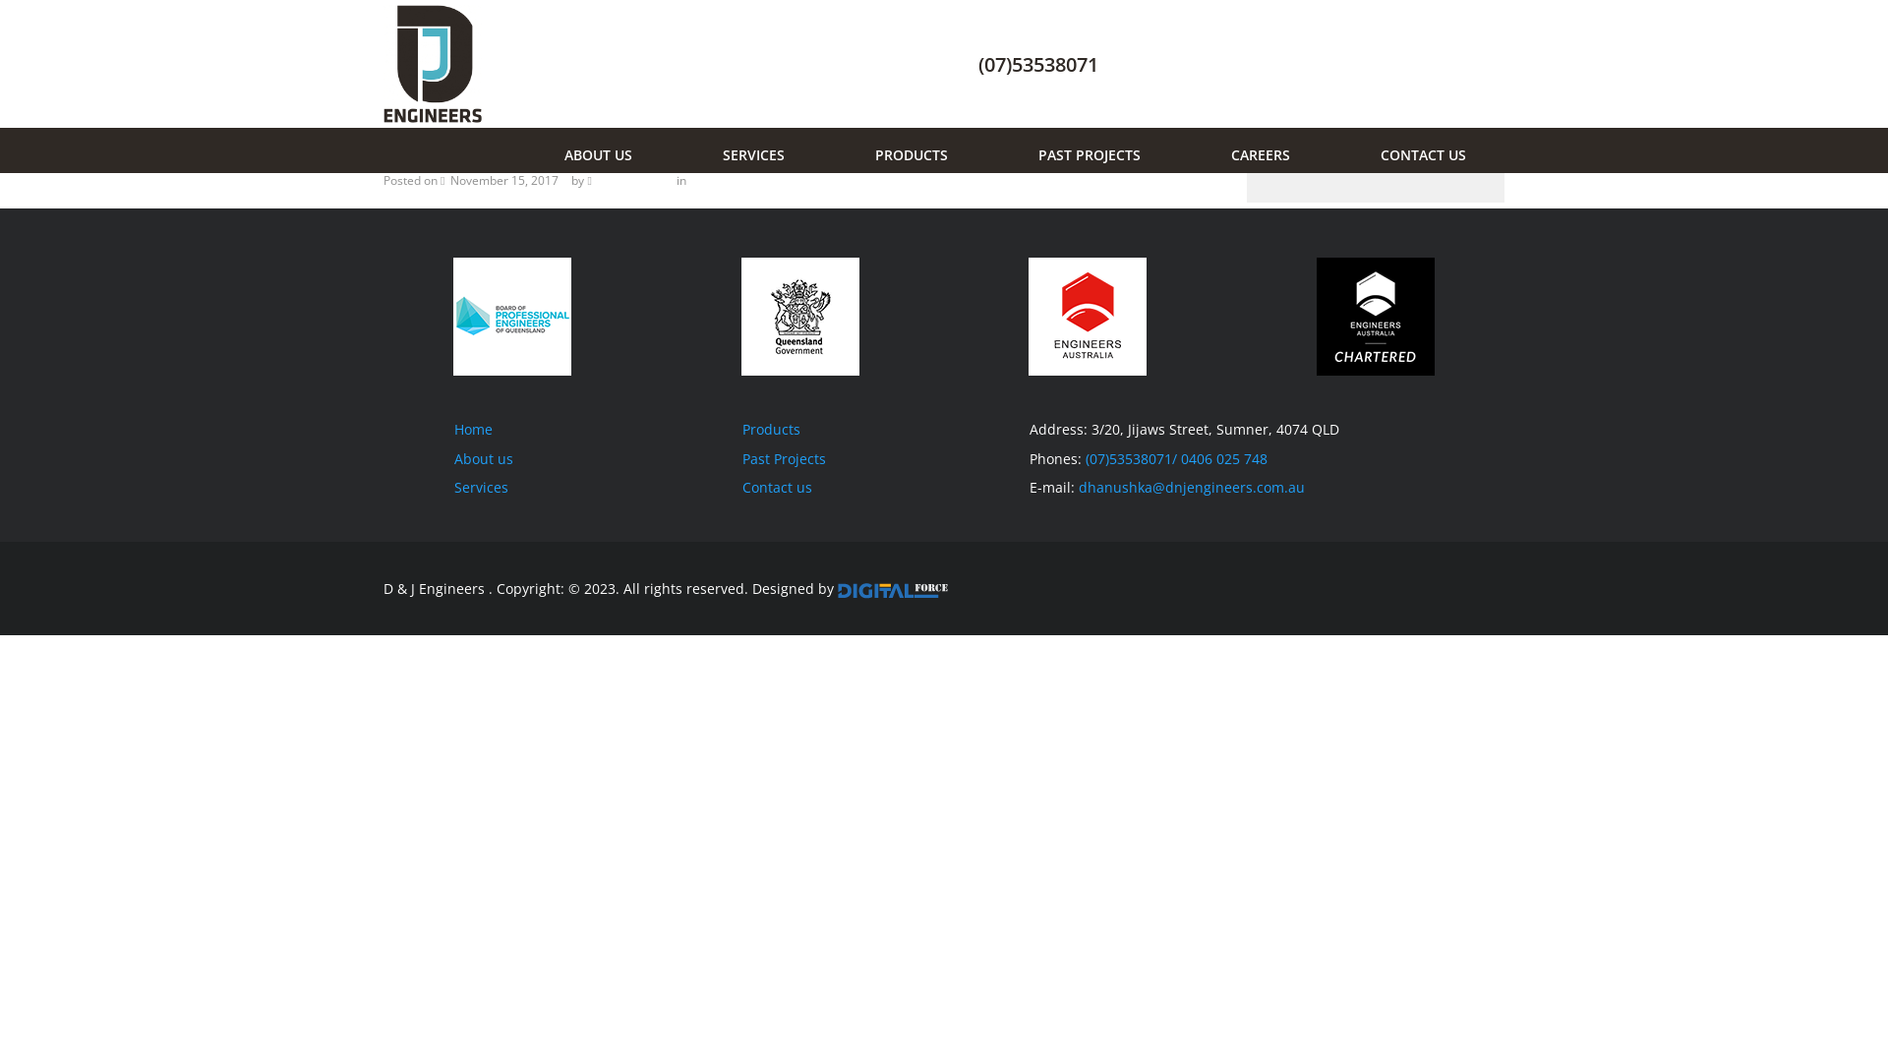  I want to click on 'Past Projects', so click(782, 458).